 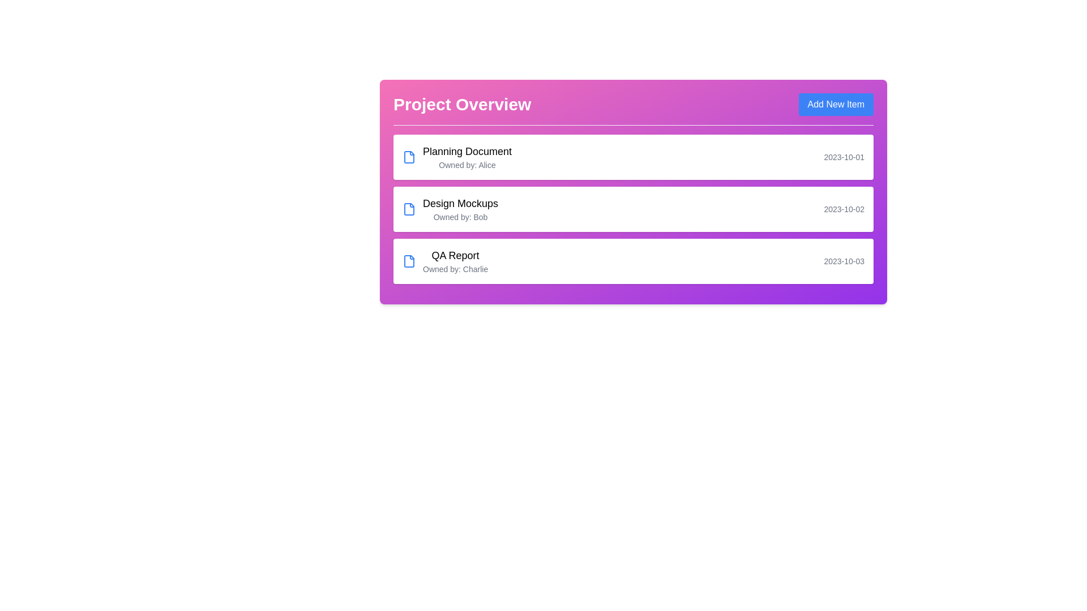 What do you see at coordinates (455, 261) in the screenshot?
I see `the Text block that describes the 'QA Report' owned by 'Charlie', which is the third item in the vertical list of project overviews under the 'Project Overview' section` at bounding box center [455, 261].